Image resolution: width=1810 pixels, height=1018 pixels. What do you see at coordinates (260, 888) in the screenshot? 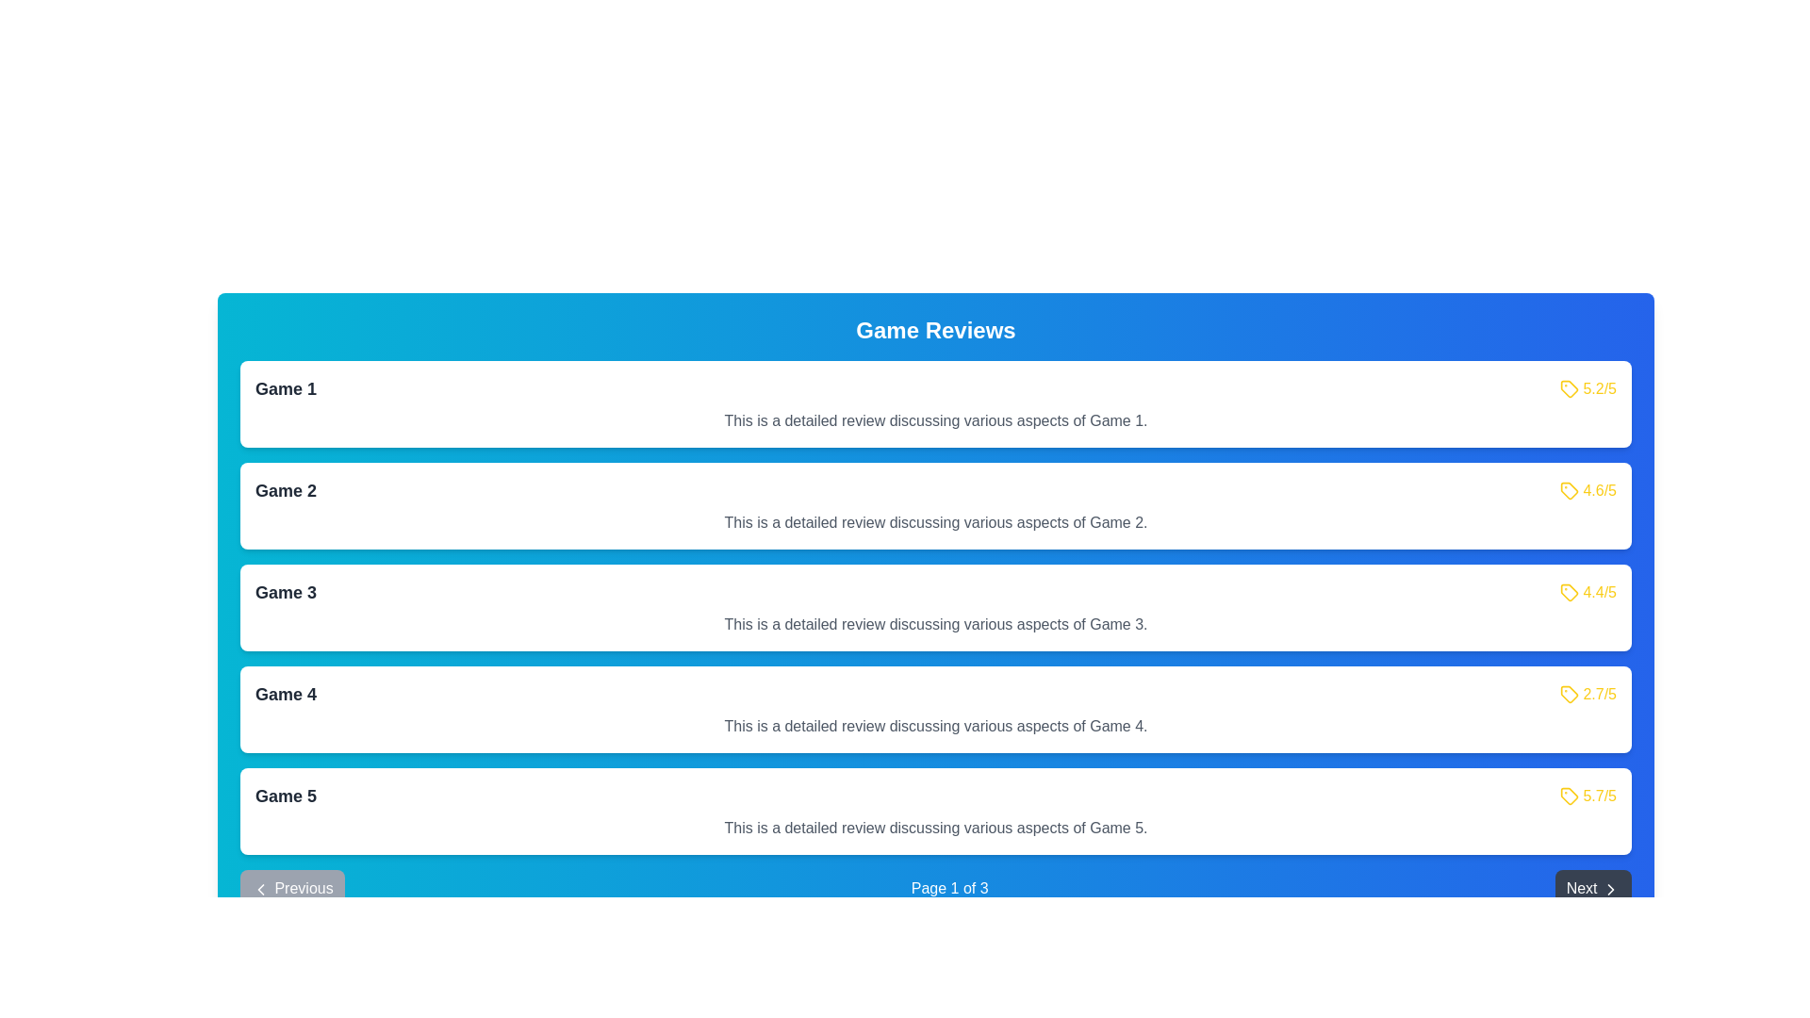
I see `the arrow icon located at the top-left corner of the 'Previous' button, which indicates its functionality to navigate to the previous page or section` at bounding box center [260, 888].